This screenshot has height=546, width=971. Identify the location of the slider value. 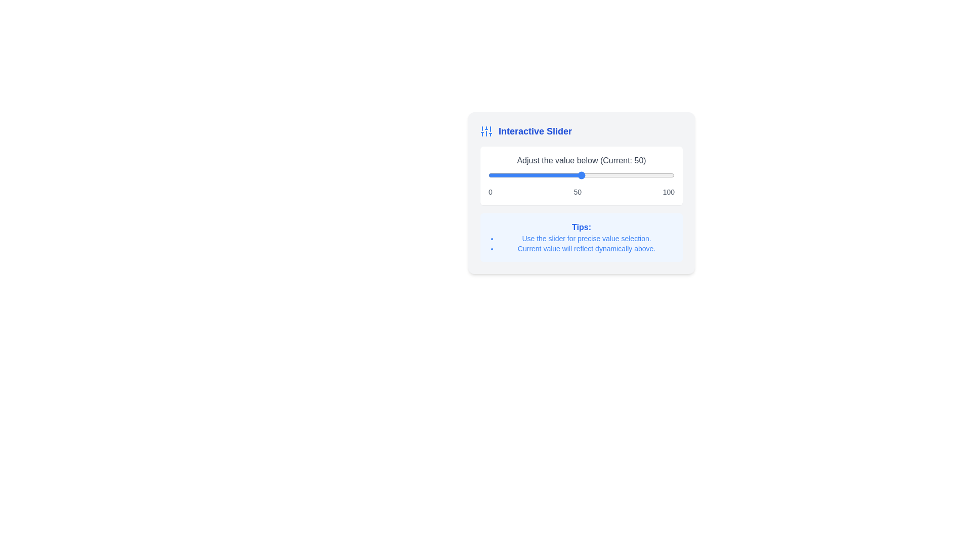
(665, 175).